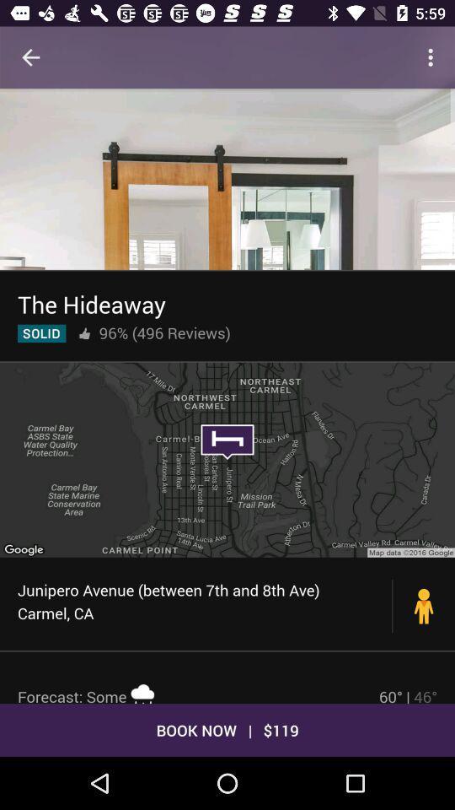 The width and height of the screenshot is (455, 810). I want to click on item at the top left corner, so click(30, 57).